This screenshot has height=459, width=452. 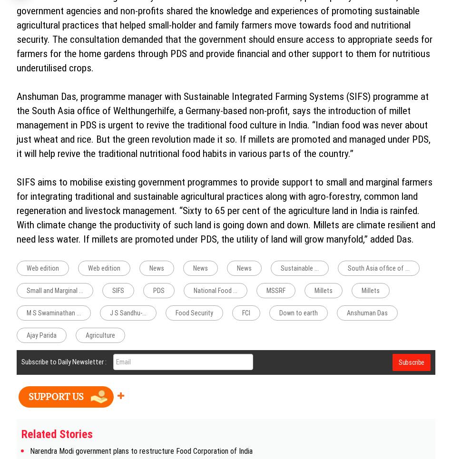 What do you see at coordinates (275, 290) in the screenshot?
I see `'MSSRF'` at bounding box center [275, 290].